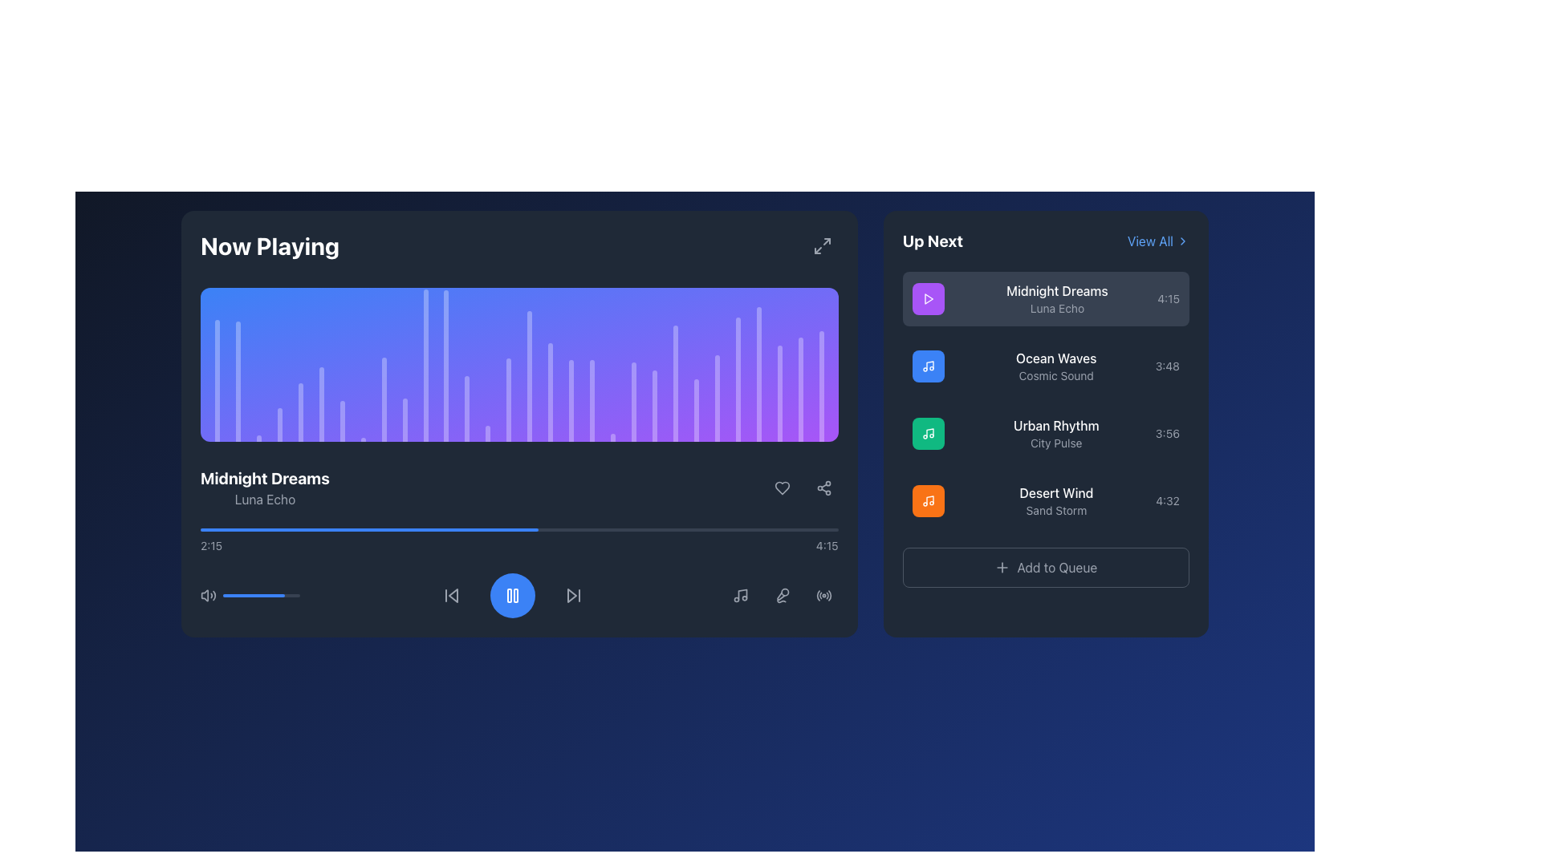 This screenshot has height=866, width=1541. Describe the element at coordinates (512, 596) in the screenshot. I see `the centrally located blue pause button in the player control bar` at that location.